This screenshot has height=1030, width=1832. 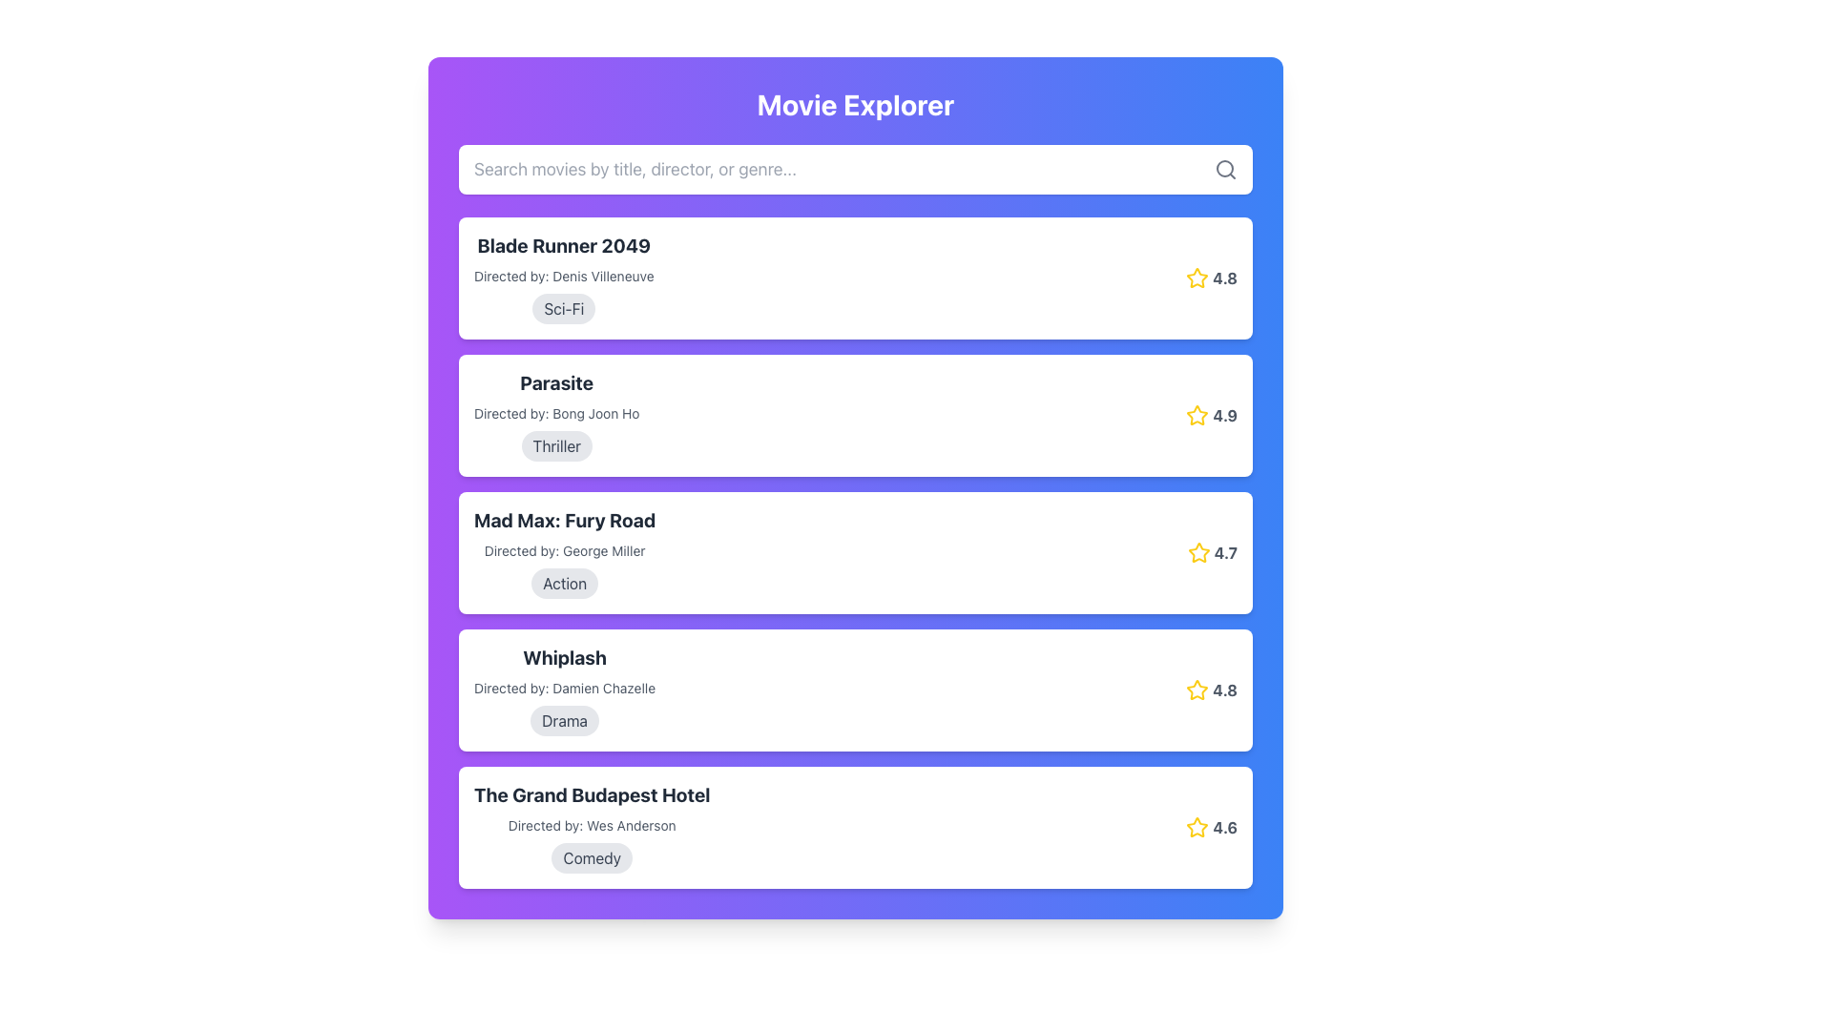 I want to click on the rating indicator text label for the movie 'Parasite', located in the second movie card near the top-right corner, following the yellow star icon, so click(x=1225, y=414).